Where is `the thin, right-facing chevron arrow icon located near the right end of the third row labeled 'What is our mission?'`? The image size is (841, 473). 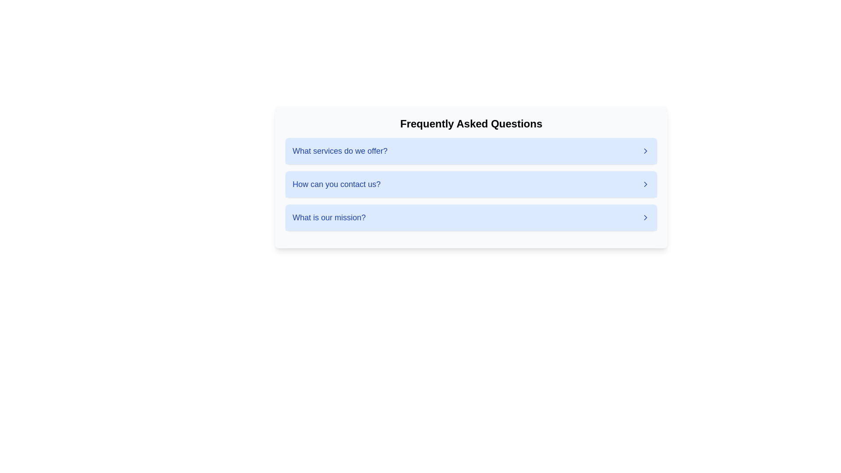
the thin, right-facing chevron arrow icon located near the right end of the third row labeled 'What is our mission?' is located at coordinates (645, 217).